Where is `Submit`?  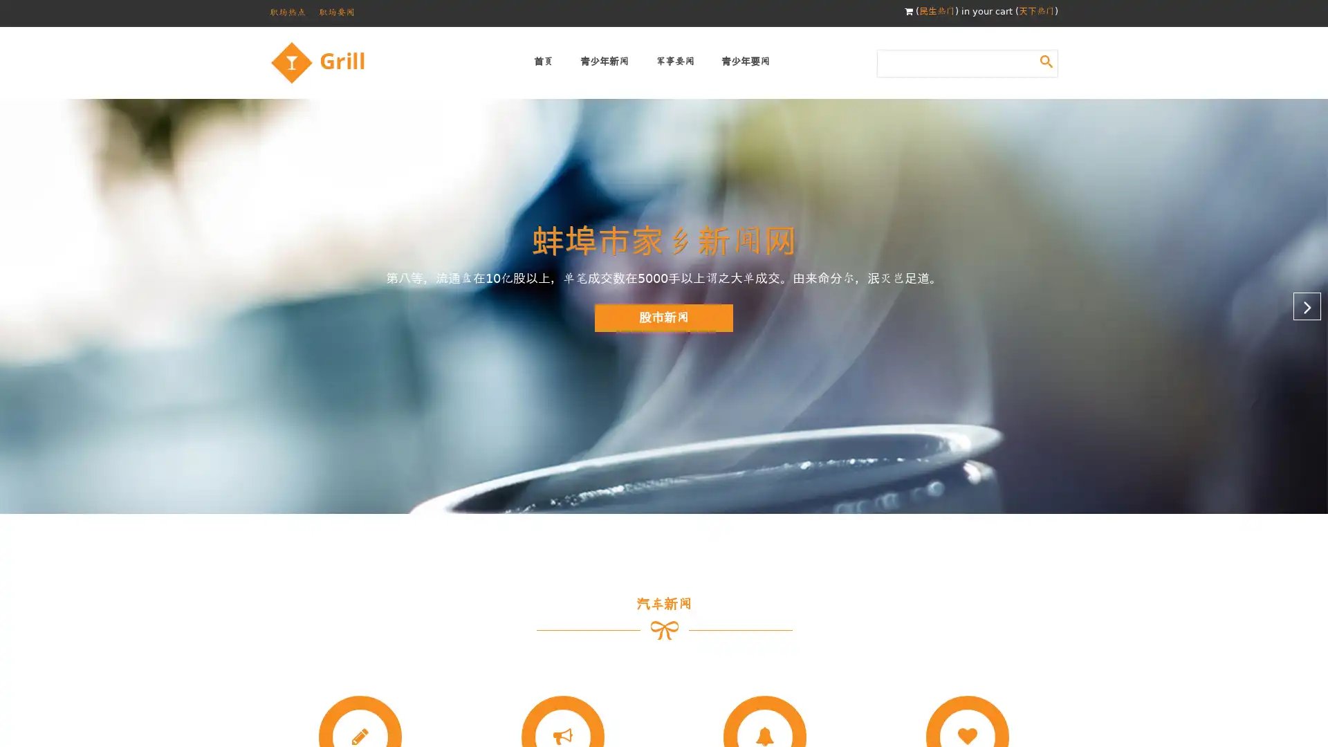 Submit is located at coordinates (1046, 60).